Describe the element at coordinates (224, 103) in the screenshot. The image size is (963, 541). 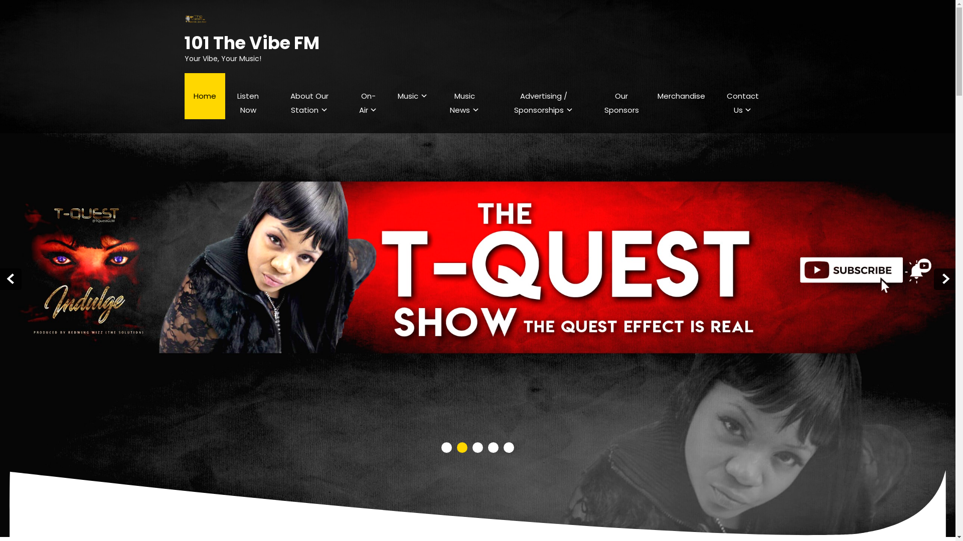
I see `'Listen Now'` at that location.